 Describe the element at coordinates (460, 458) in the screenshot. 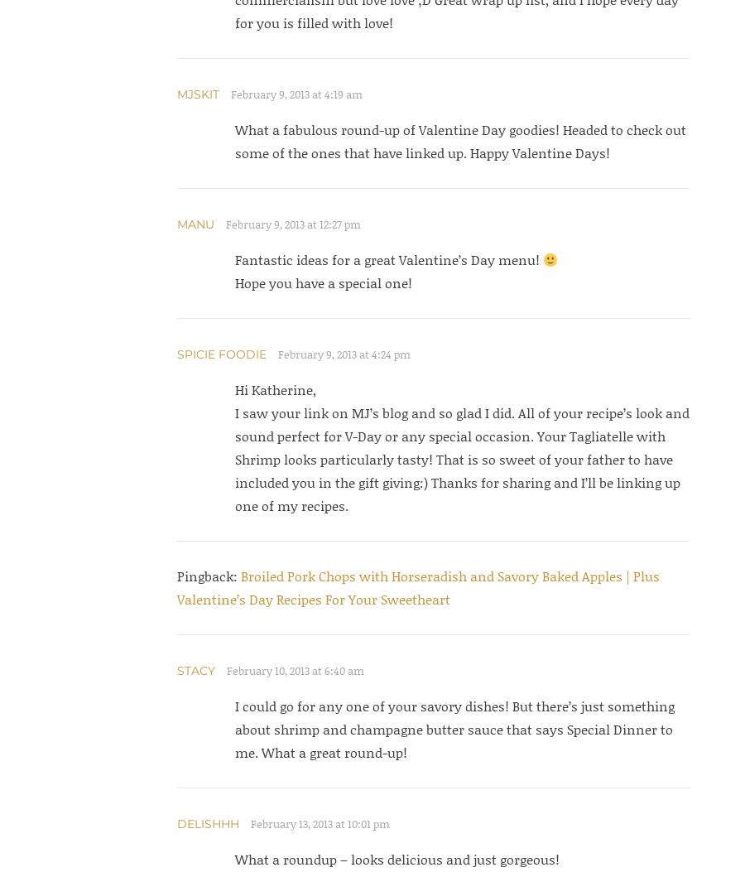

I see `'I saw your link on MJ’s blog and so glad I did. All of your recipe’s look and sound perfect for V-Day or any special occasion. Your Tagliatelle with Shrimp looks particularly tasty! That is so sweet of your father to have included you in the gift giving:) Thanks for sharing and I’ll be linking up one of my recipes.'` at that location.